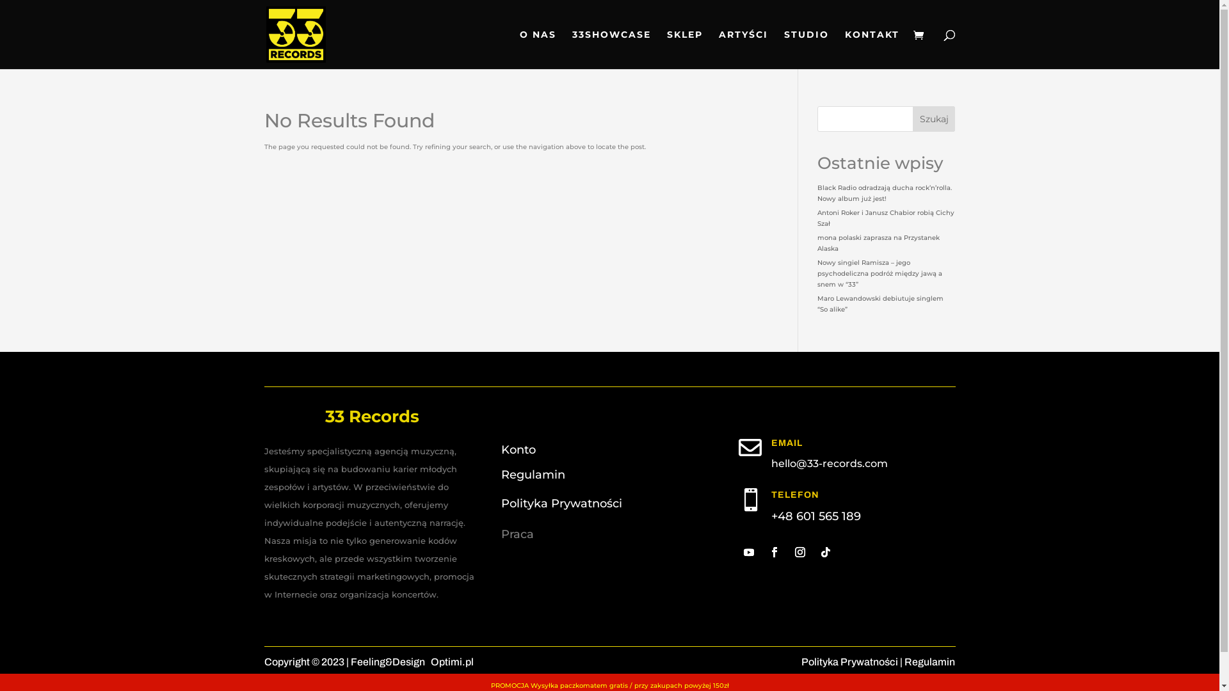 The image size is (1229, 691). I want to click on 'mona polaski zaprasza na Przystanek Alaska', so click(878, 243).